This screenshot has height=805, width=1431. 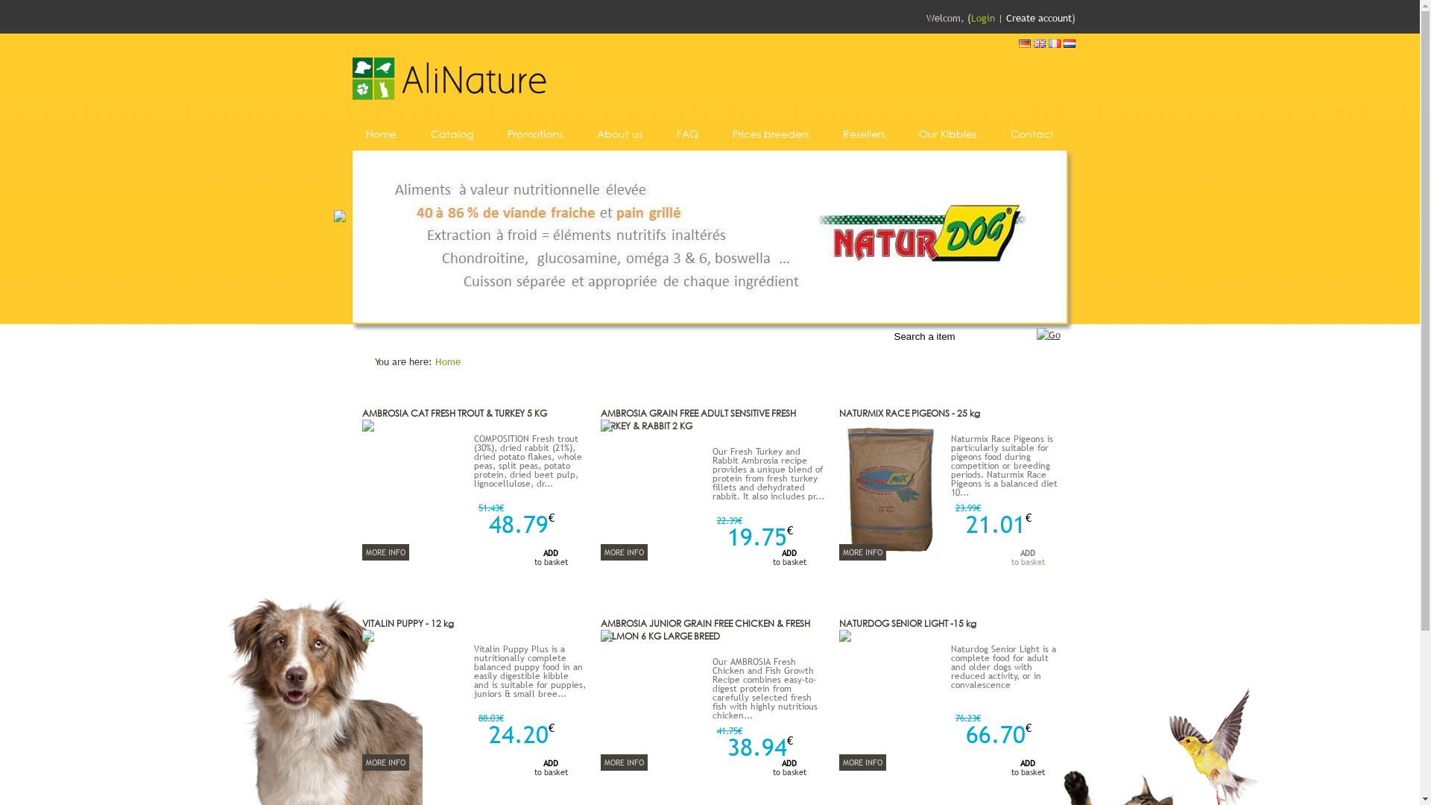 What do you see at coordinates (429, 133) in the screenshot?
I see `'Catalog'` at bounding box center [429, 133].